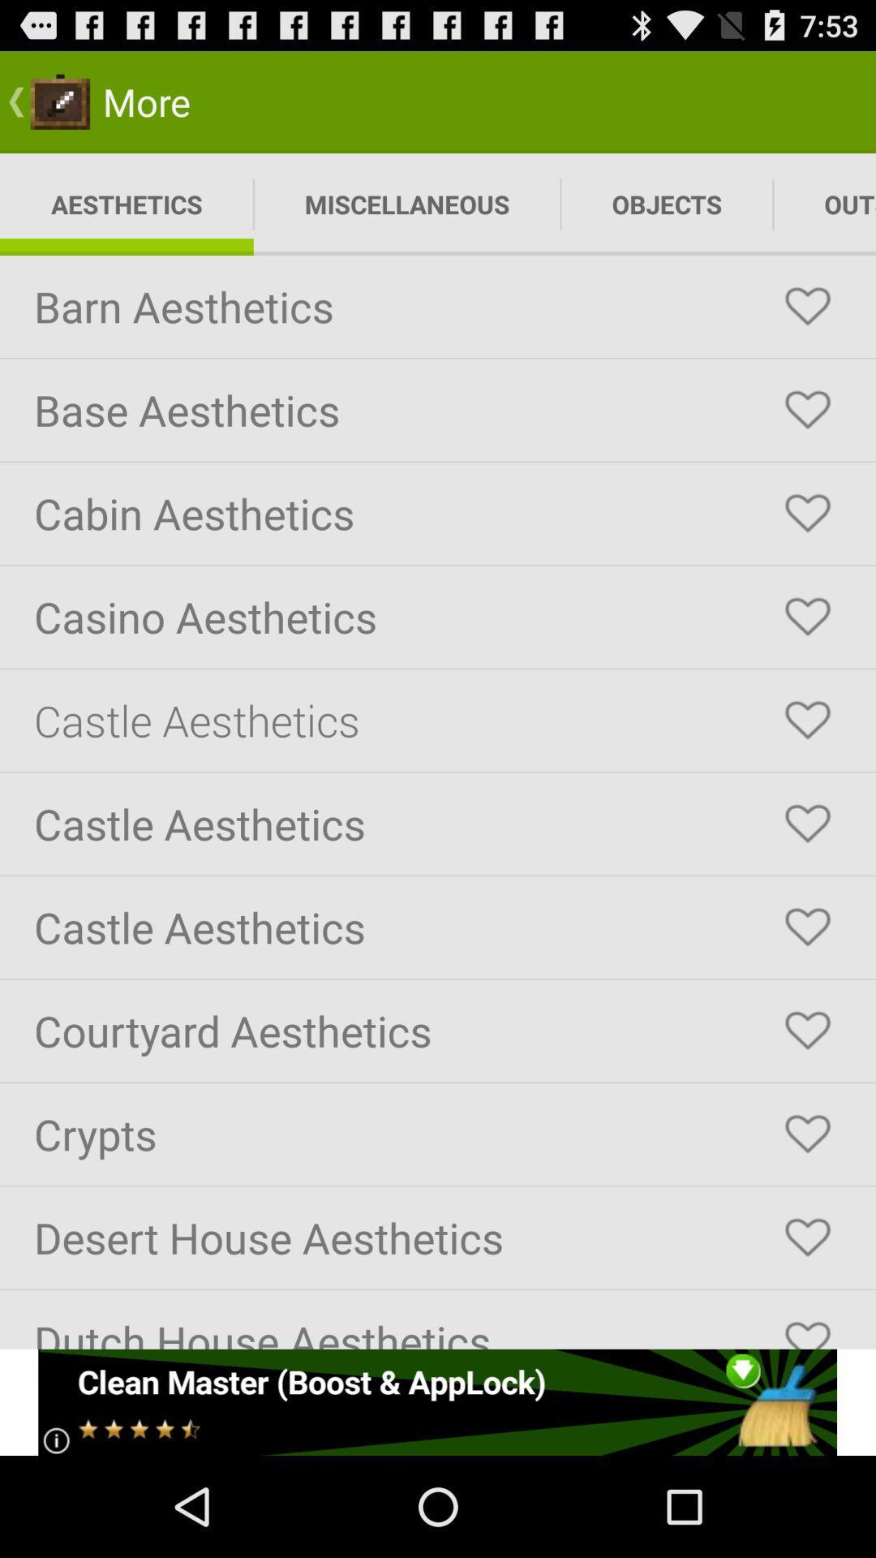 Image resolution: width=876 pixels, height=1558 pixels. Describe the element at coordinates (436, 1401) in the screenshot. I see `a link to an advertisement` at that location.